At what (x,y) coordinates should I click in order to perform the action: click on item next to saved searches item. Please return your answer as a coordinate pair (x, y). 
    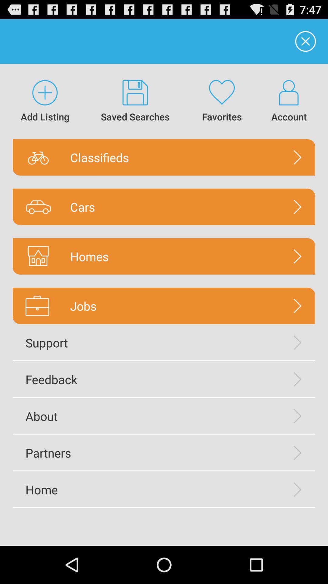
    Looking at the image, I should click on (222, 101).